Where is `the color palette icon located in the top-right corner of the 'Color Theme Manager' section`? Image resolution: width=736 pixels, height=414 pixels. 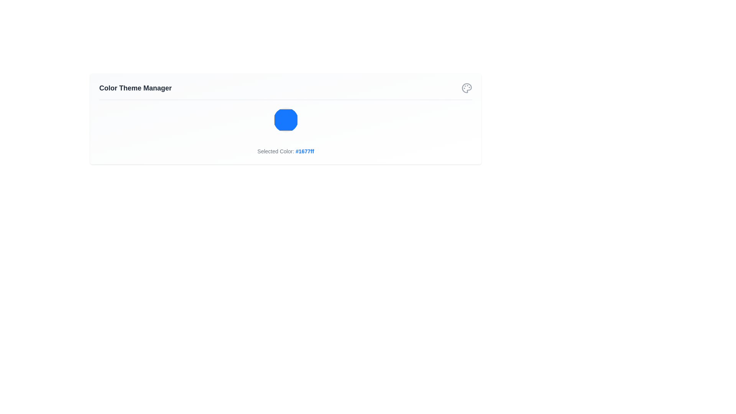 the color palette icon located in the top-right corner of the 'Color Theme Manager' section is located at coordinates (467, 88).